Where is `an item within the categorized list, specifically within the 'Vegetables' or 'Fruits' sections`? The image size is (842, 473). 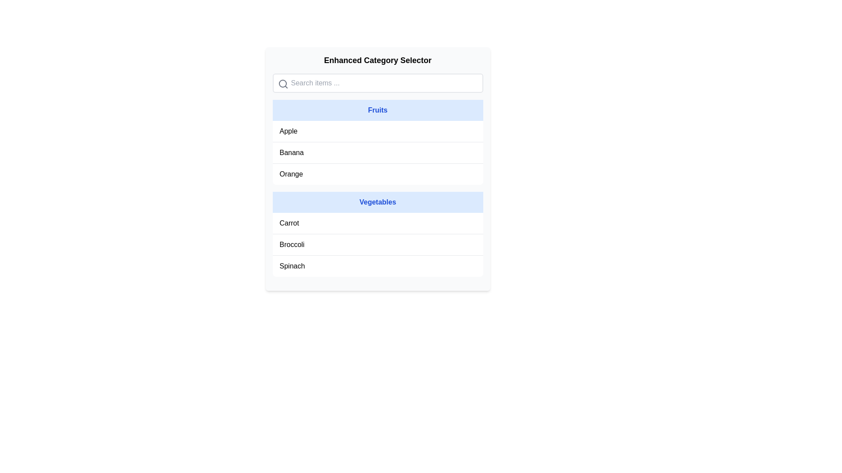
an item within the categorized list, specifically within the 'Vegetables' or 'Fruits' sections is located at coordinates (378, 191).